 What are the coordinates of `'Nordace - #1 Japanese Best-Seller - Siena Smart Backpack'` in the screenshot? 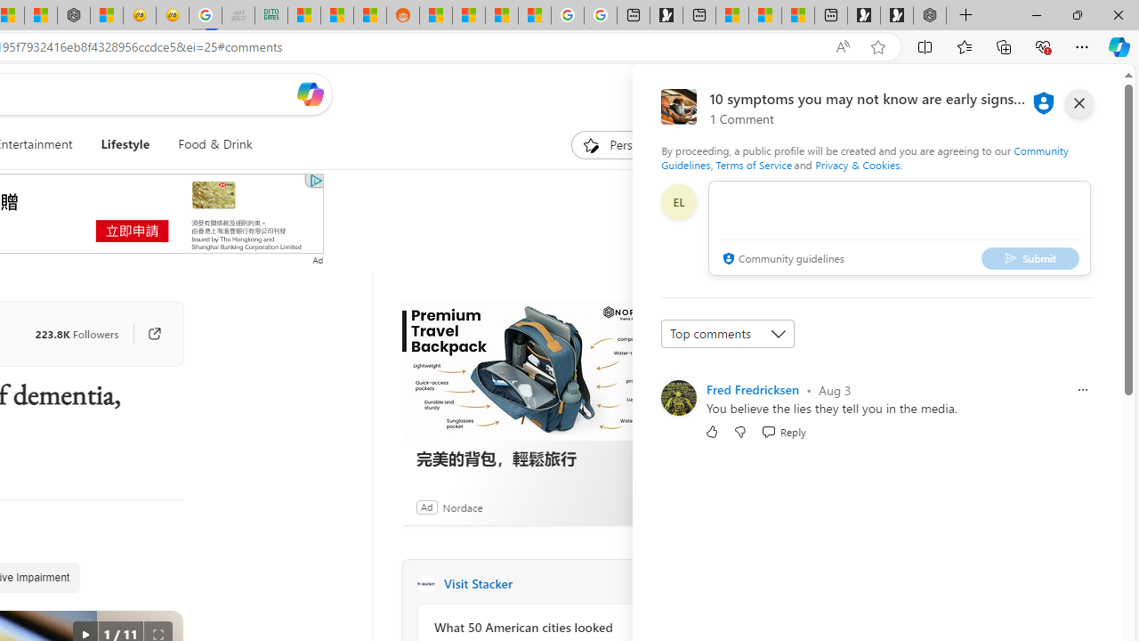 It's located at (73, 15).